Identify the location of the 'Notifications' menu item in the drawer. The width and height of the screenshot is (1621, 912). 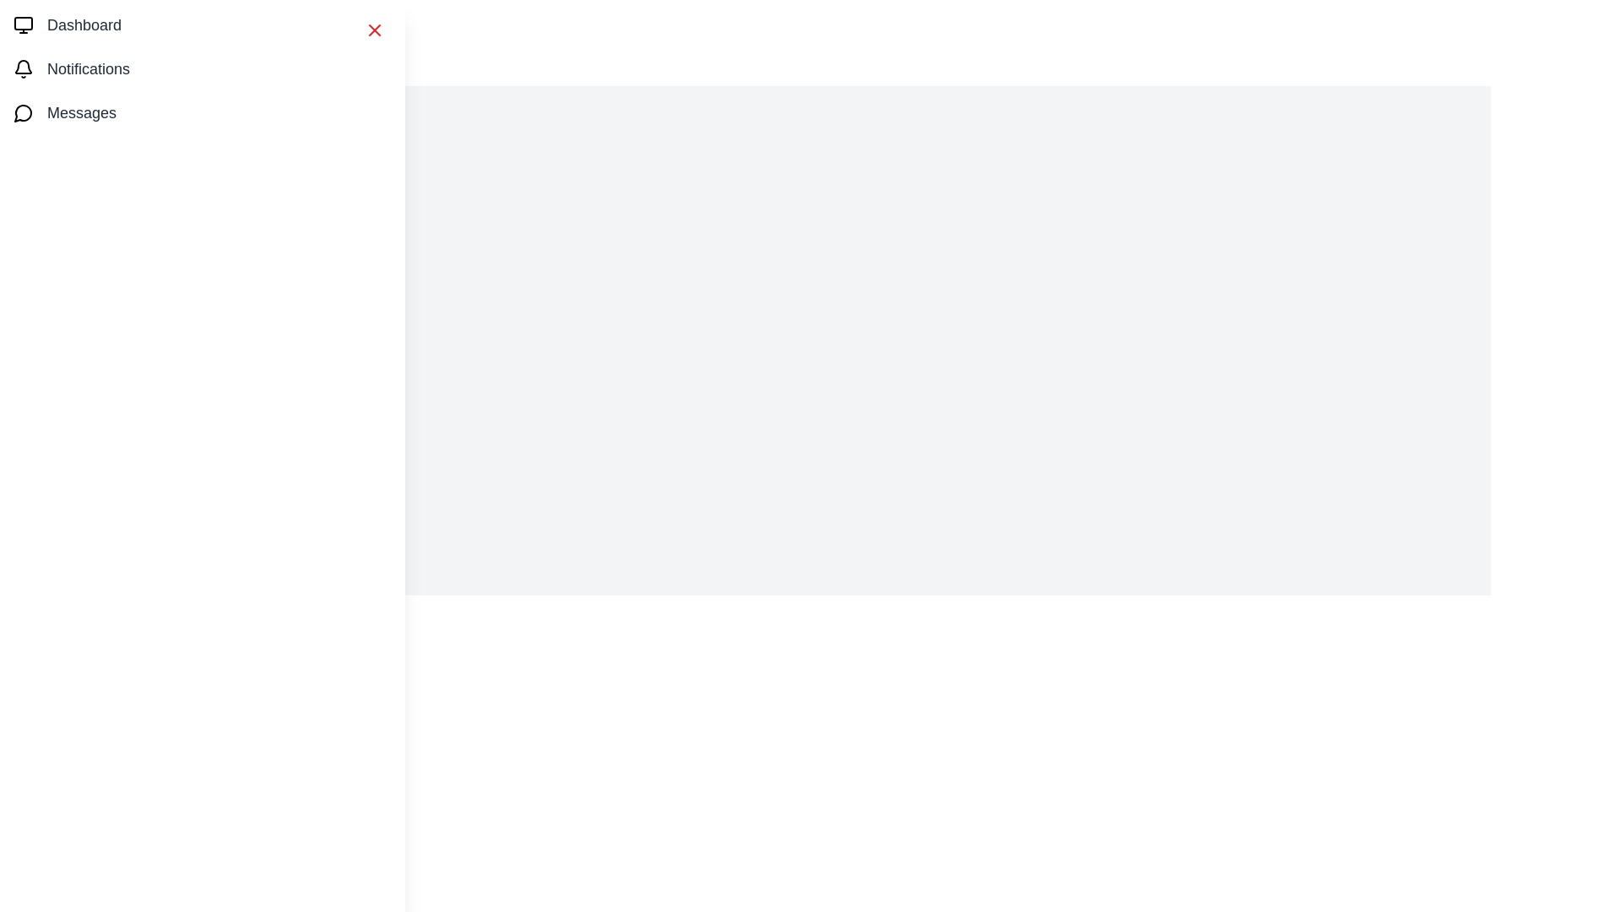
(203, 68).